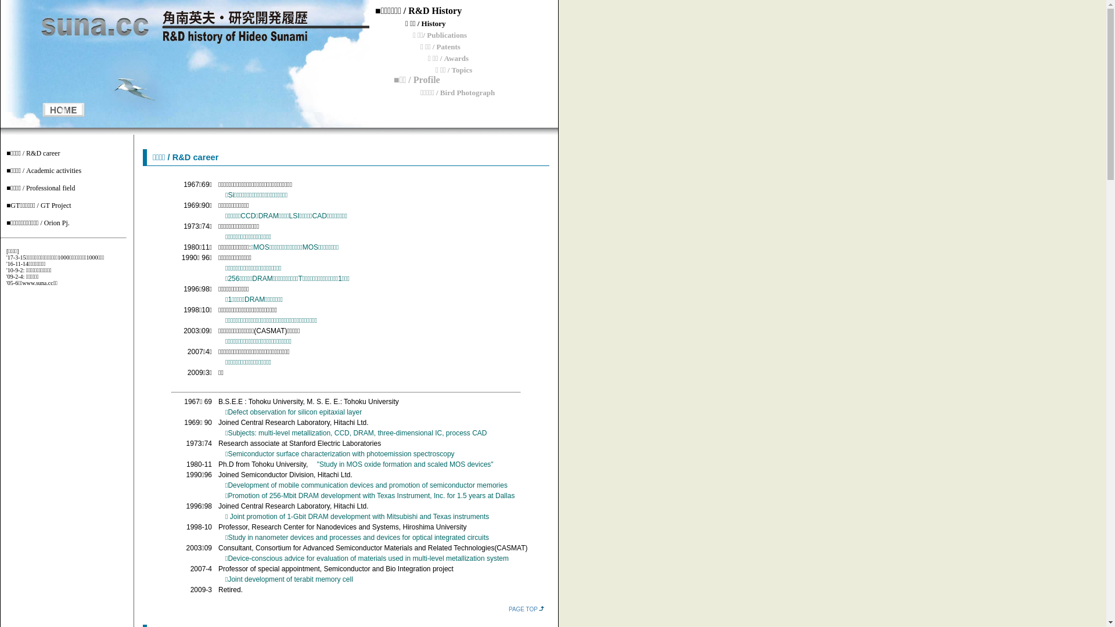 This screenshot has height=627, width=1115. What do you see at coordinates (508, 608) in the screenshot?
I see `'PAGE TOP'` at bounding box center [508, 608].